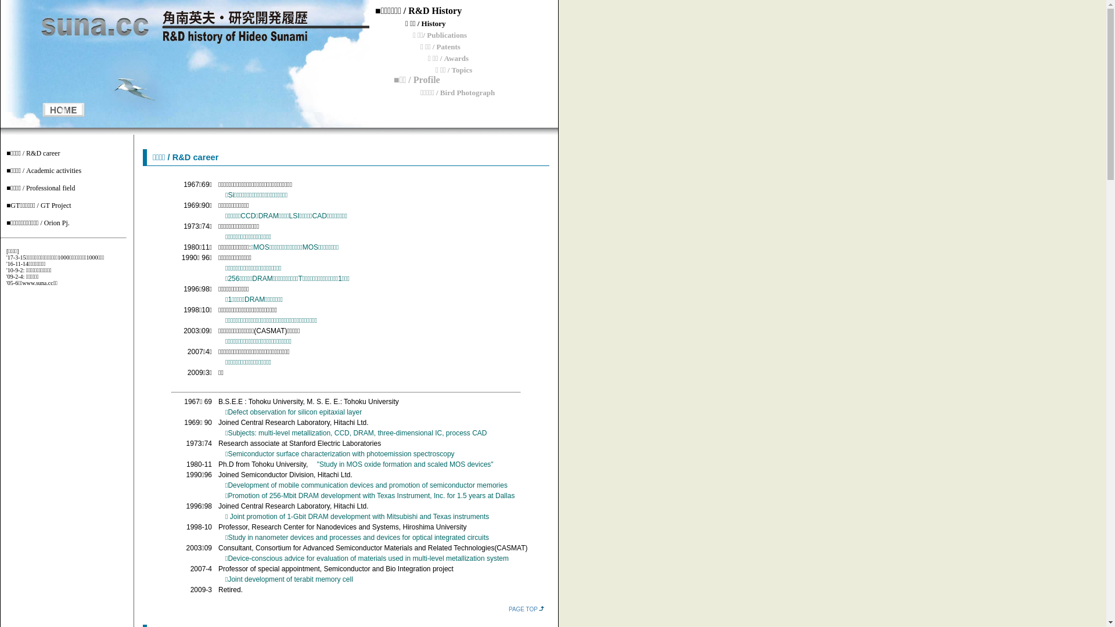 This screenshot has height=627, width=1115. What do you see at coordinates (508, 608) in the screenshot?
I see `'PAGE TOP'` at bounding box center [508, 608].